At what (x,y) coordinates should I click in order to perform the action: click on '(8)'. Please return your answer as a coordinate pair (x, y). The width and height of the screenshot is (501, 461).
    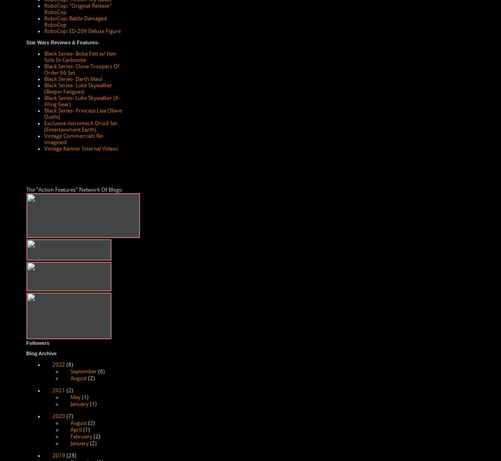
    Looking at the image, I should click on (69, 364).